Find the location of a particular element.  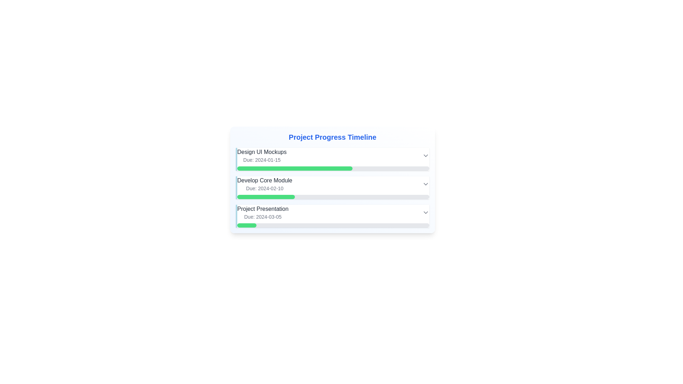

the gray chevron-shaped dropdown trigger icon located on the far right side of the 'Develop Core Module' task row is located at coordinates (425, 183).